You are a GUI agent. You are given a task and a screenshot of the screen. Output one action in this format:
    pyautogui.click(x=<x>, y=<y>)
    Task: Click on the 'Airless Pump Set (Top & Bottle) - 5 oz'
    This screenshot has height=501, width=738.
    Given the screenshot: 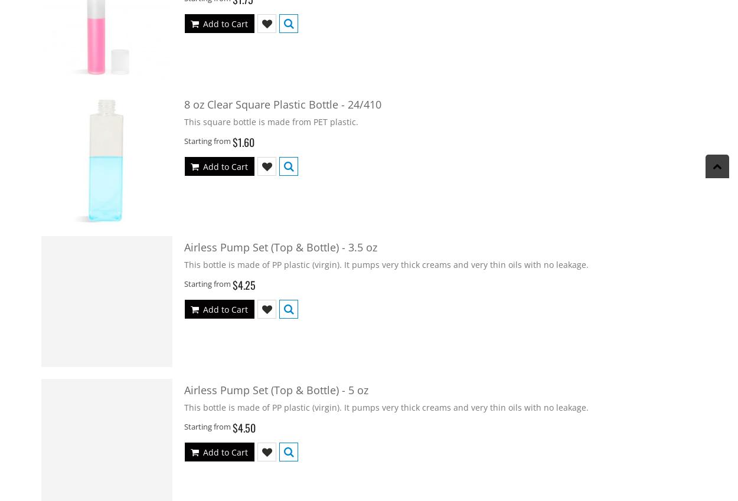 What is the action you would take?
    pyautogui.click(x=184, y=389)
    